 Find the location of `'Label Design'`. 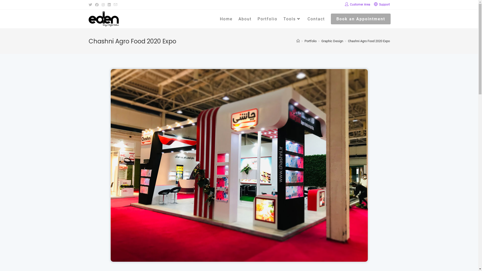

'Label Design' is located at coordinates (201, 194).